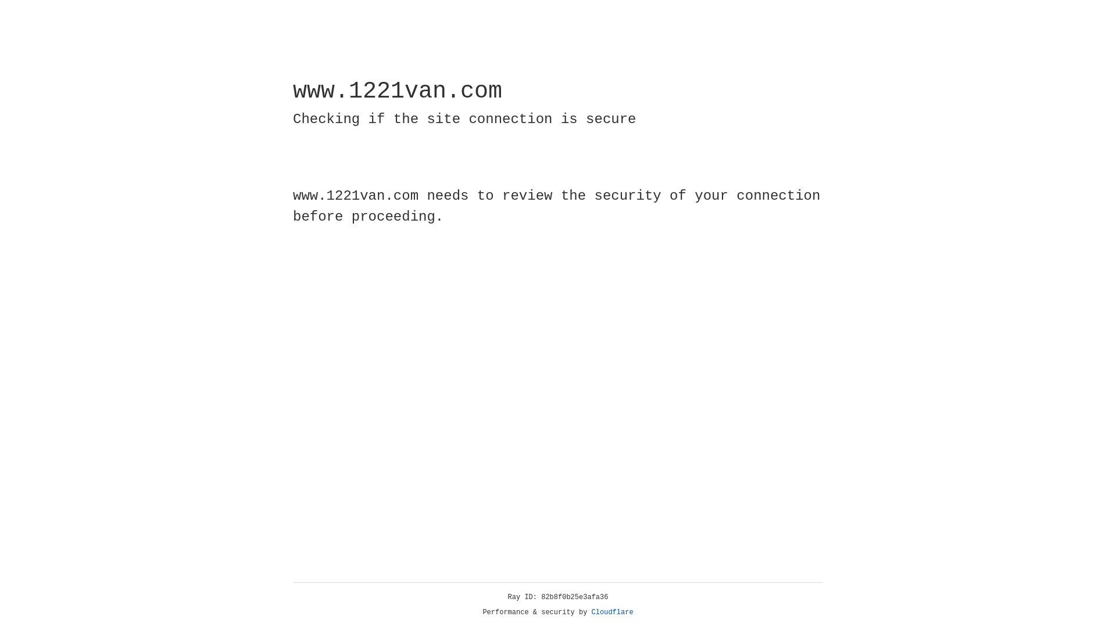 This screenshot has width=1116, height=627. I want to click on 'Cloudflare', so click(612, 612).